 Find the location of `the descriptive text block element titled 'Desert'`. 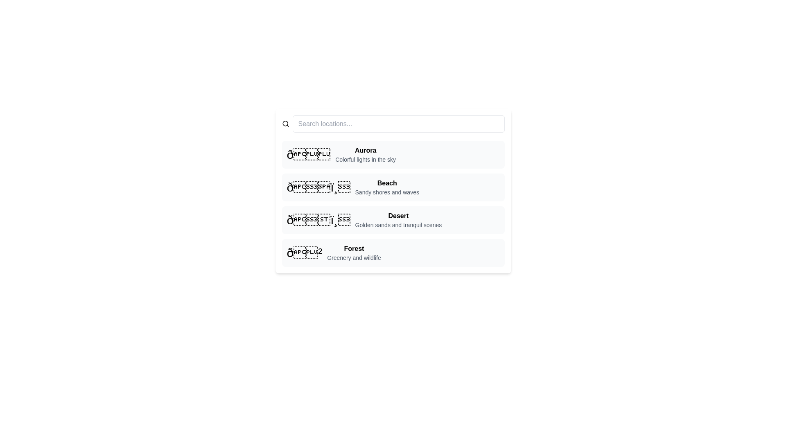

the descriptive text block element titled 'Desert' is located at coordinates (398, 219).